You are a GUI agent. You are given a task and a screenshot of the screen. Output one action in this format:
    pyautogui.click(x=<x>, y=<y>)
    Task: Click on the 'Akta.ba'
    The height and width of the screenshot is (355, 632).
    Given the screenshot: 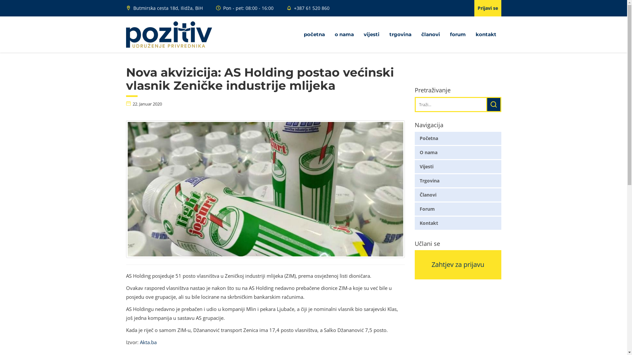 What is the action you would take?
    pyautogui.click(x=147, y=342)
    